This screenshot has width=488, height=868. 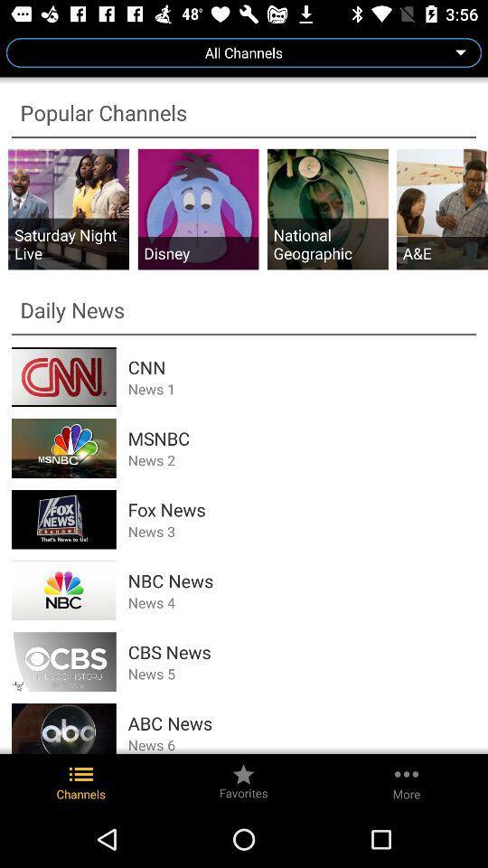 What do you see at coordinates (302, 744) in the screenshot?
I see `the app below the abc news app` at bounding box center [302, 744].